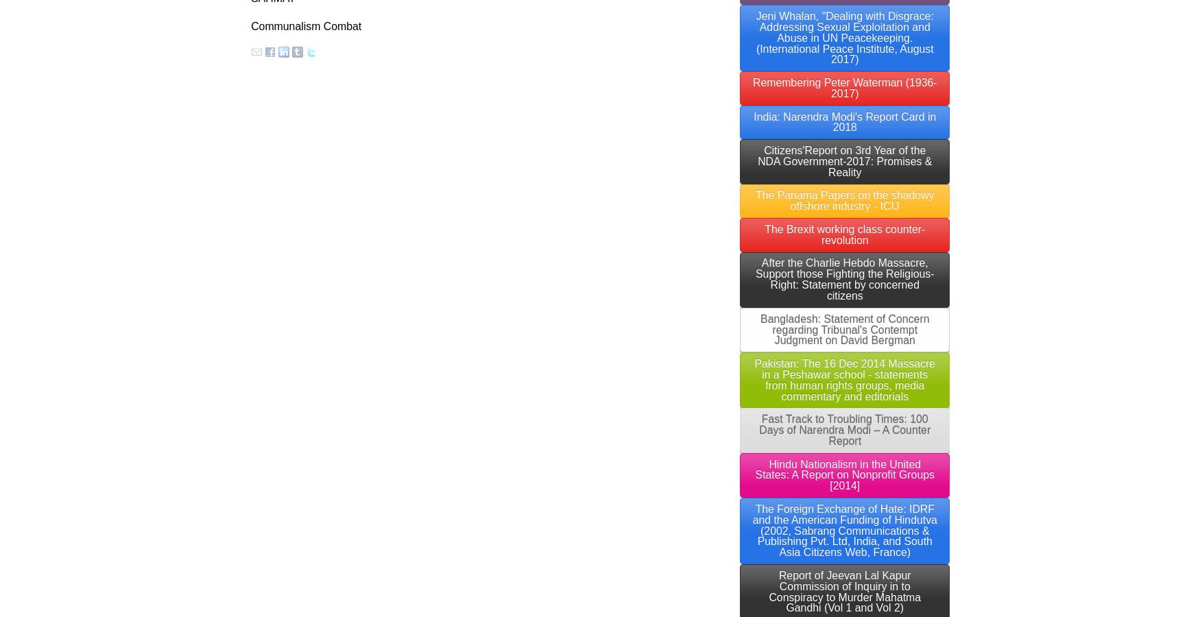  Describe the element at coordinates (845, 328) in the screenshot. I see `'Bangladesh: Statement of Concern regarding Tribunal's Contempt Judgment on David Bergman'` at that location.